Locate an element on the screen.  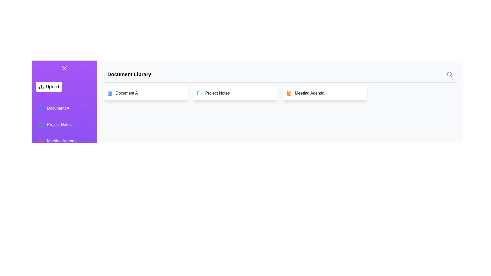
the document Meeting Agenda from the list is located at coordinates (325, 93).